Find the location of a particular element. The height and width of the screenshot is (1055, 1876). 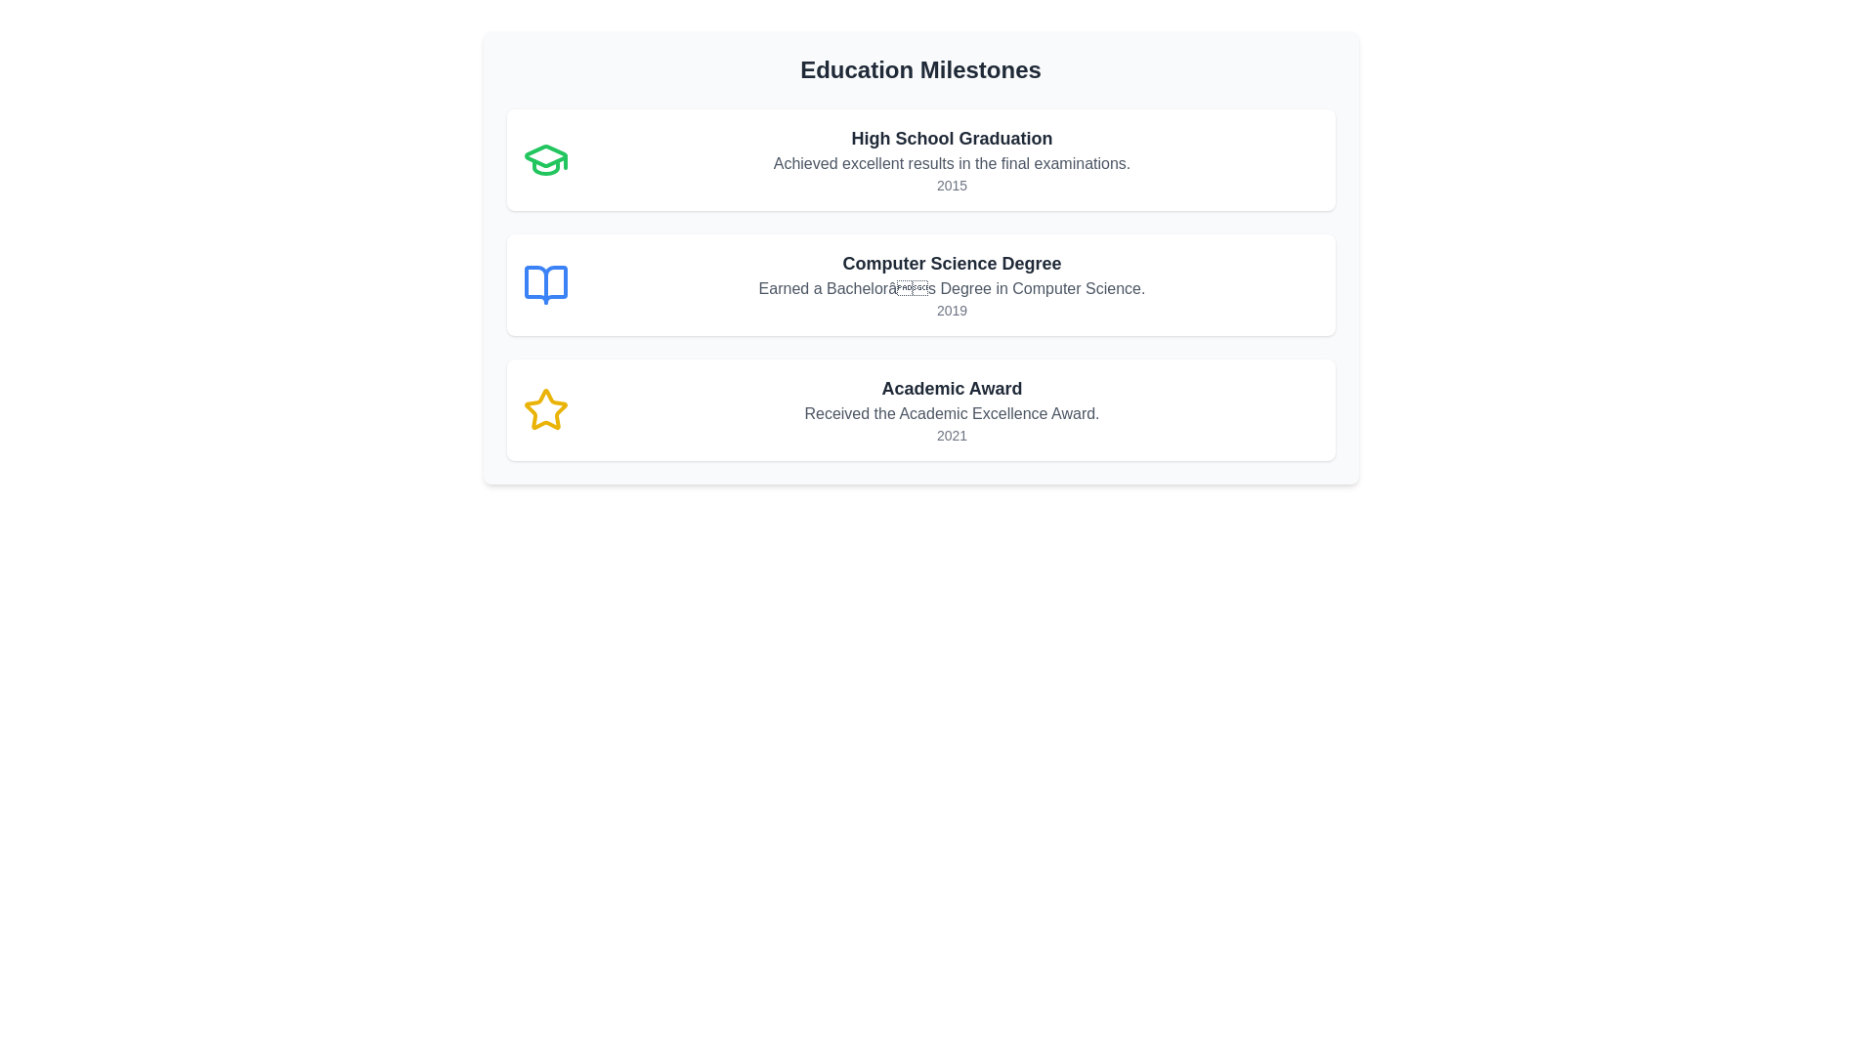

the star-shaped icon with a yellow border located in the bottom-right corner of the 'Academic Award' section in the 'Education Milestones' layout is located at coordinates (545, 408).